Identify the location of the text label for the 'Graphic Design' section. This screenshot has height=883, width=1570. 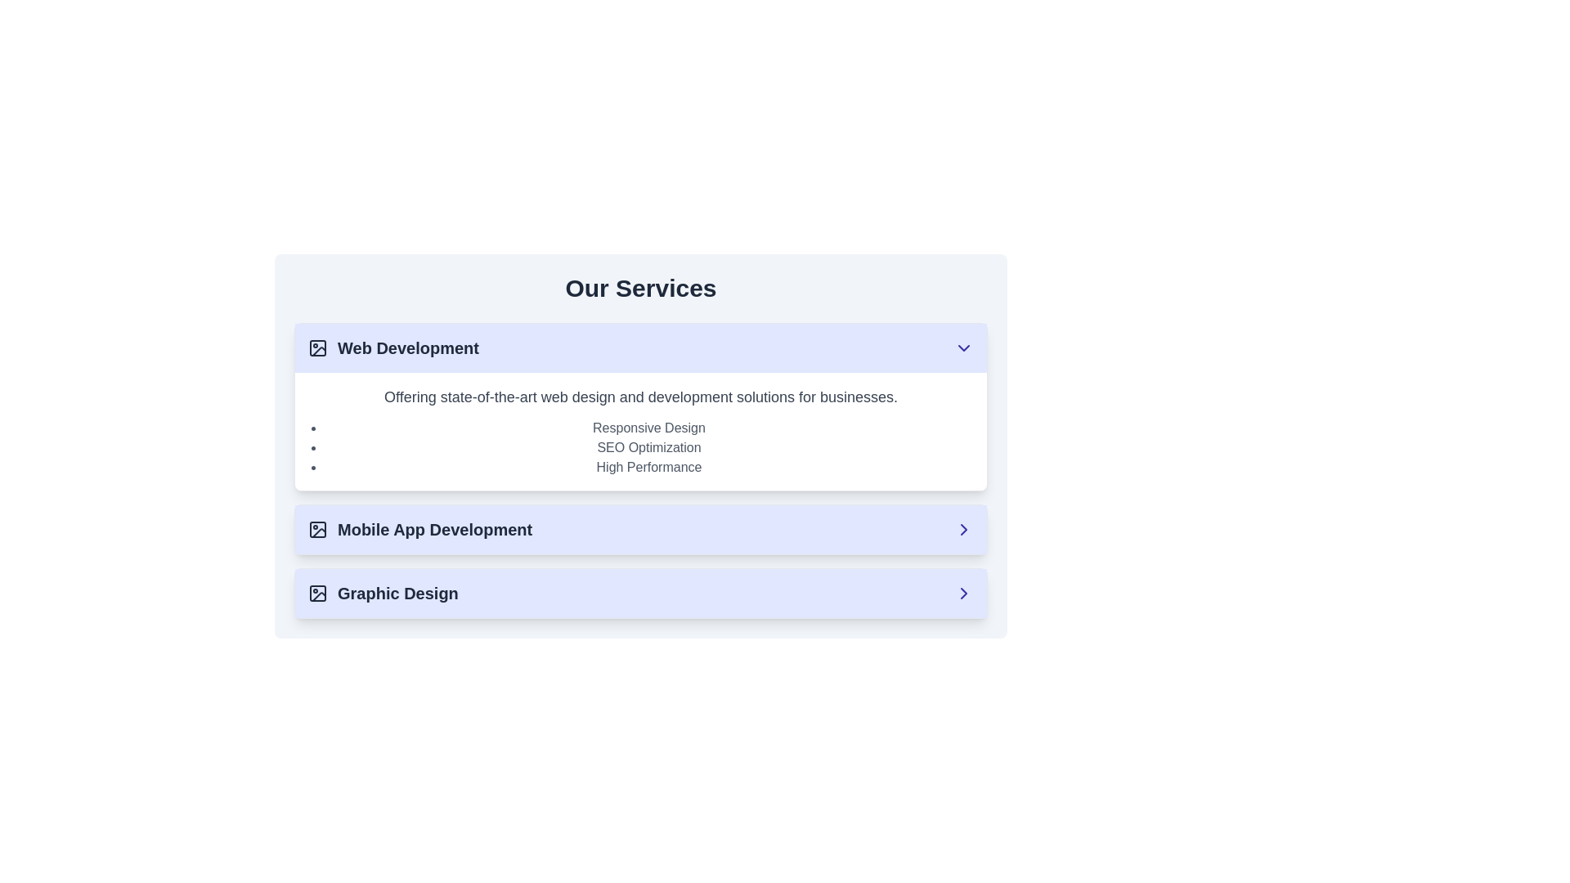
(382, 593).